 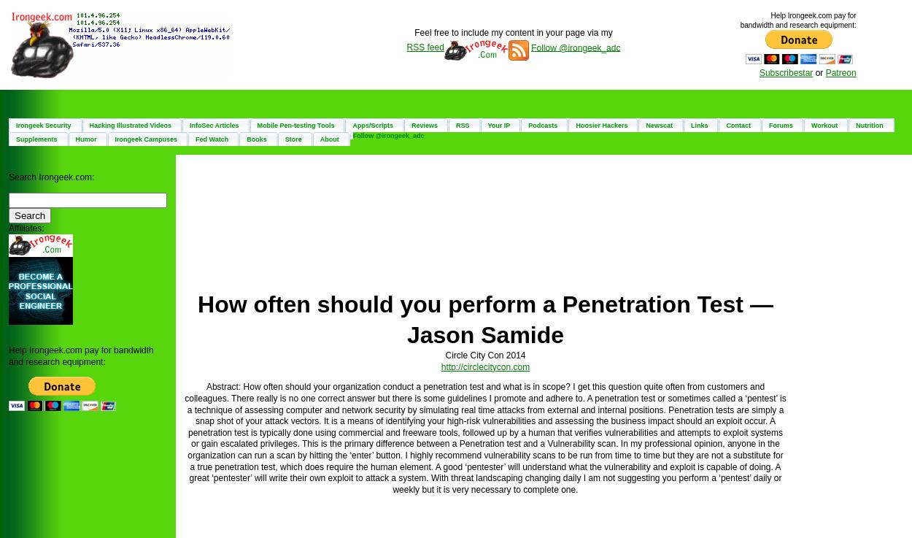 I want to click on 'or', so click(x=818, y=71).